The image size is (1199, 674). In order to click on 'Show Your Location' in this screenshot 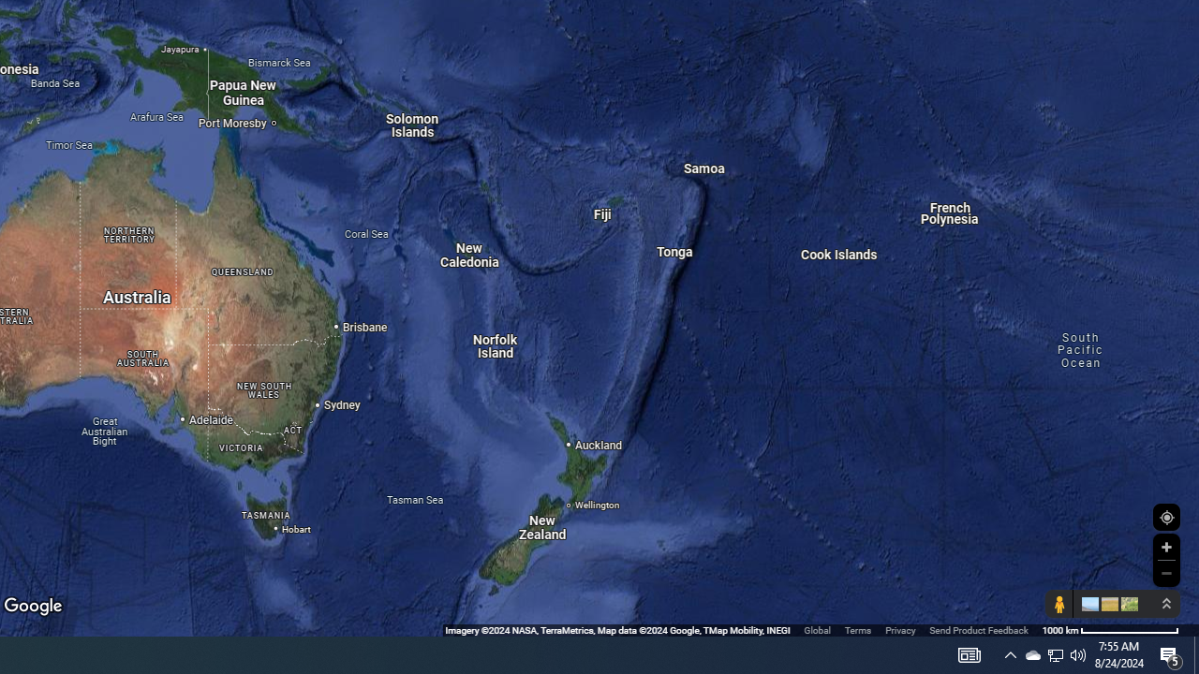, I will do `click(1165, 517)`.